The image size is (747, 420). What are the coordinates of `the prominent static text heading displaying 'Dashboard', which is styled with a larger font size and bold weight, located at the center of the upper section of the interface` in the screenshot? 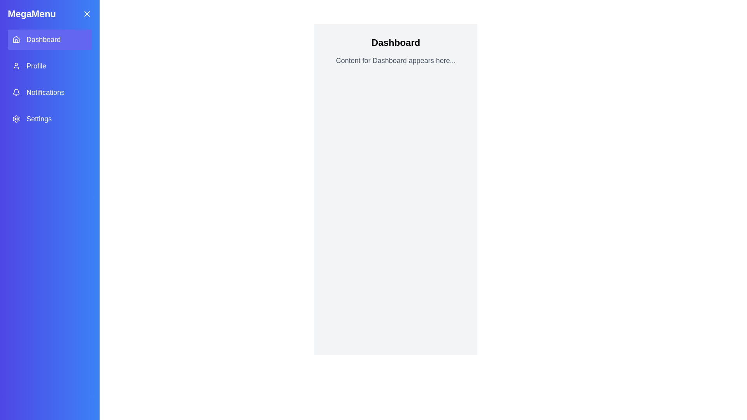 It's located at (396, 43).